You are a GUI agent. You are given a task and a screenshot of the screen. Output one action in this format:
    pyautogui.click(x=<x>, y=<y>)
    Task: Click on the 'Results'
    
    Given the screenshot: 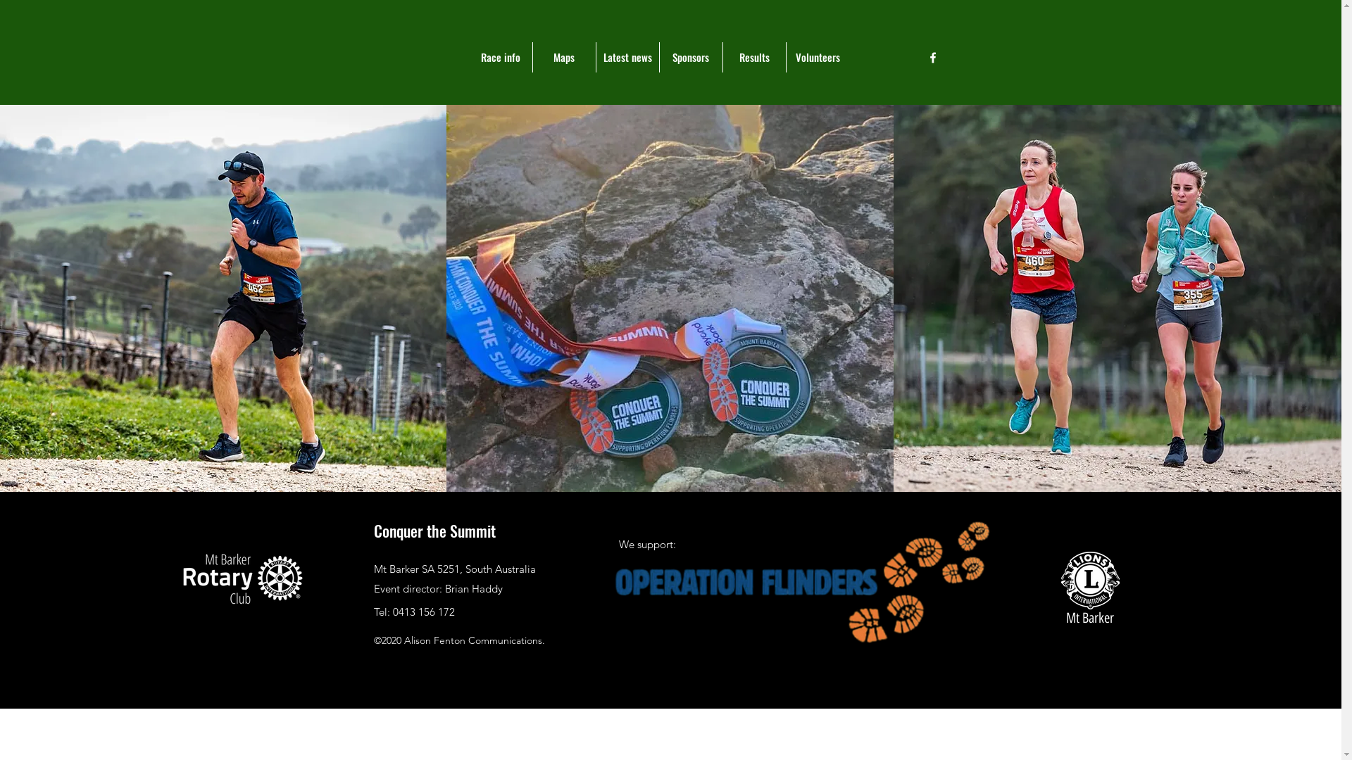 What is the action you would take?
    pyautogui.click(x=753, y=56)
    